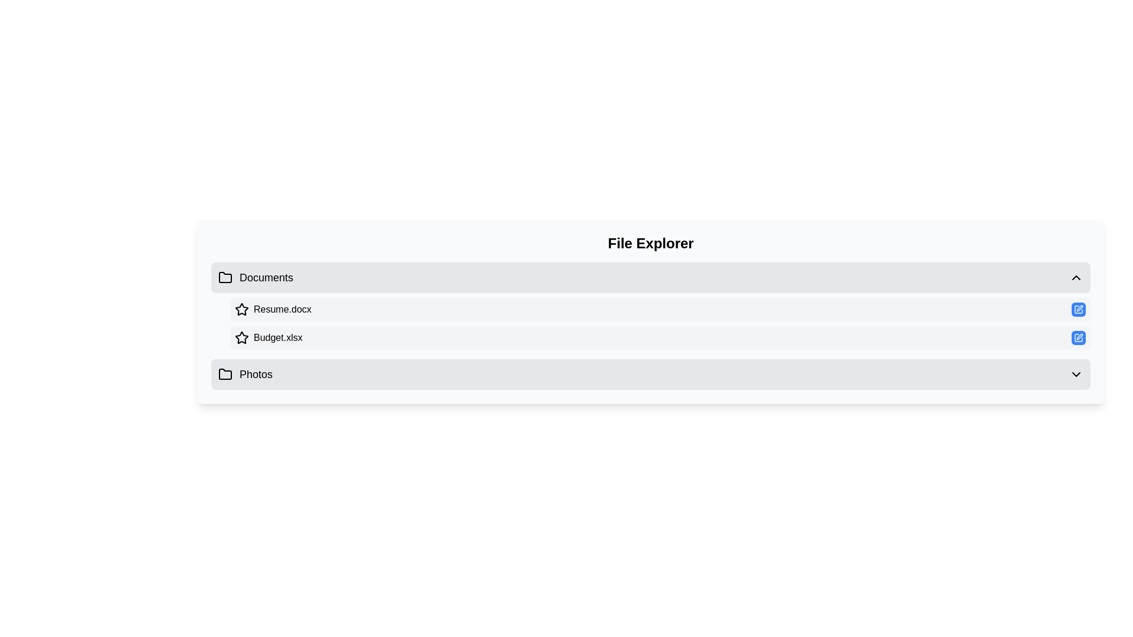 Image resolution: width=1133 pixels, height=637 pixels. Describe the element at coordinates (650, 375) in the screenshot. I see `the 'Photos' folder entry` at that location.